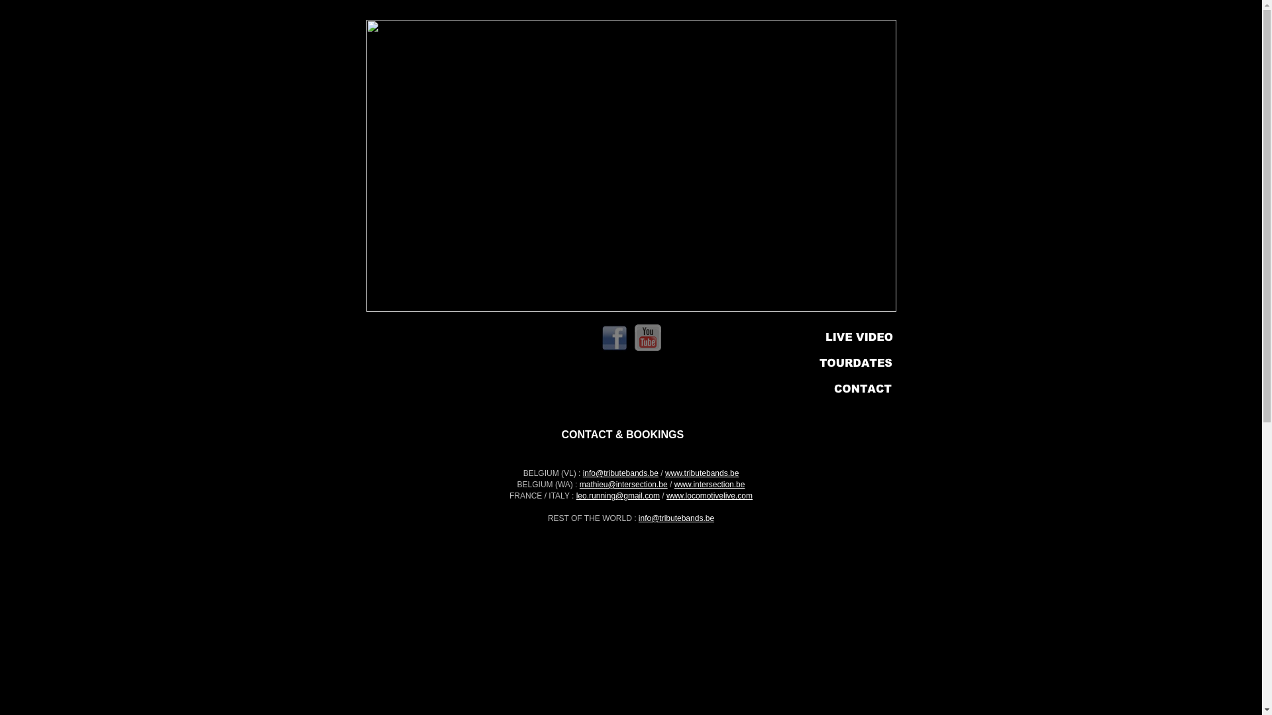 The image size is (1272, 715). What do you see at coordinates (664, 472) in the screenshot?
I see `'www.tributebands.be'` at bounding box center [664, 472].